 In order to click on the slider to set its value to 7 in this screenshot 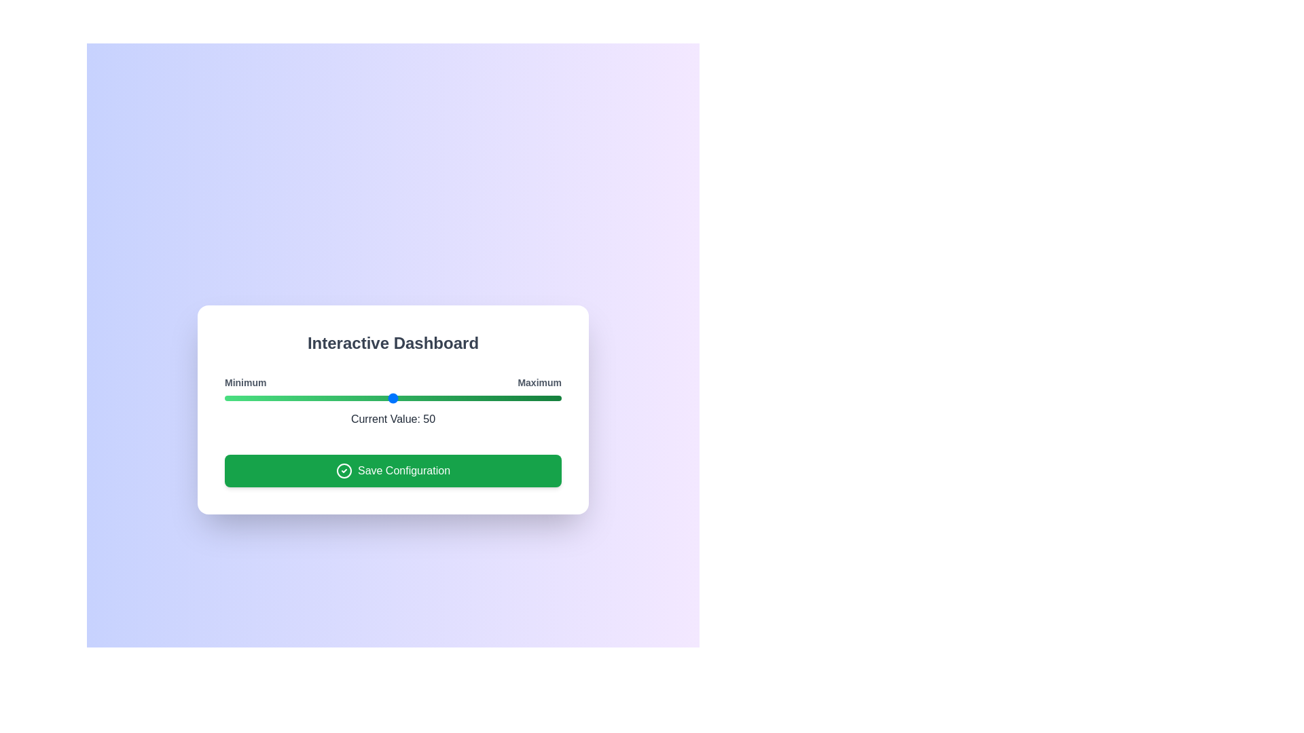, I will do `click(248, 397)`.